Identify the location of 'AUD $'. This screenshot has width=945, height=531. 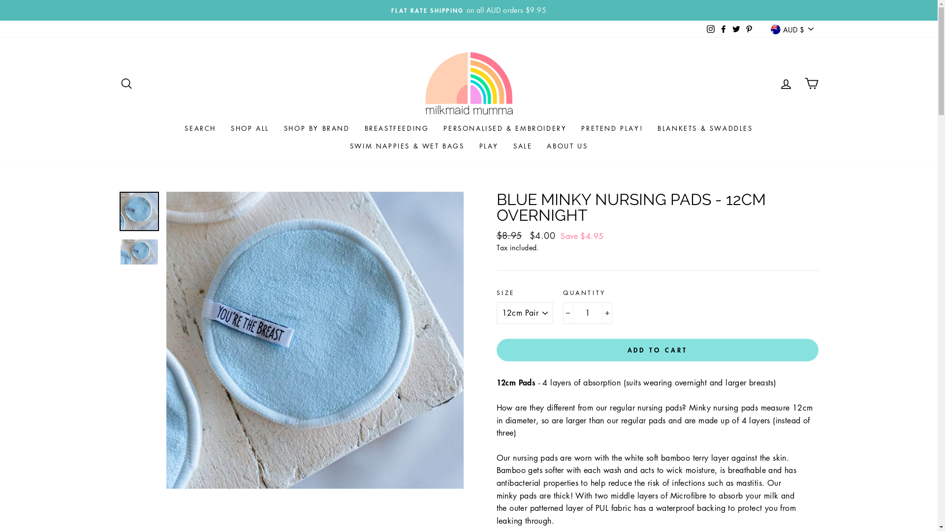
(791, 29).